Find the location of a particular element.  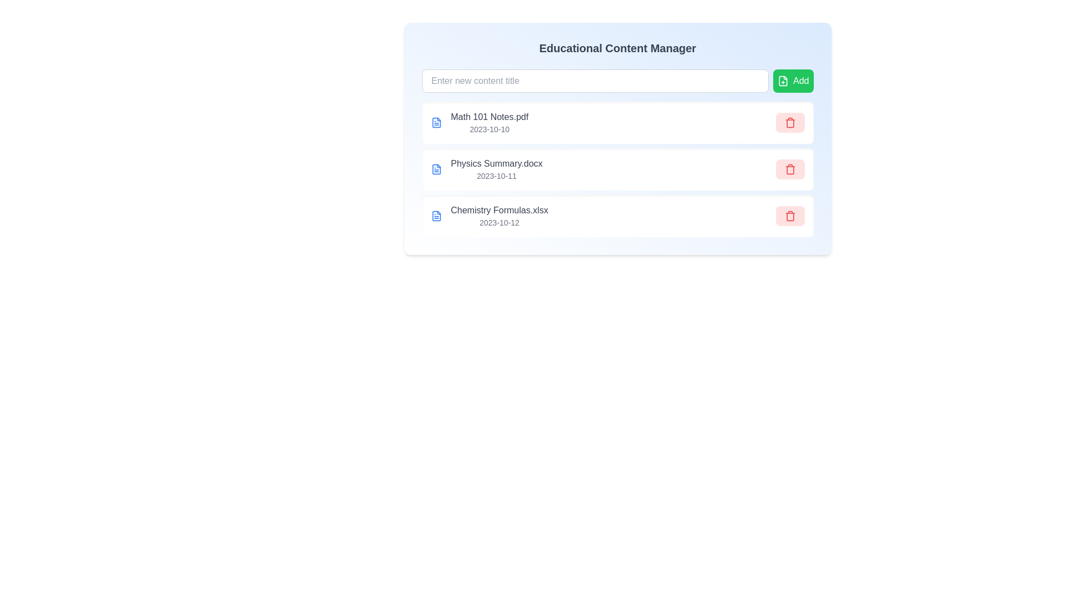

the second list item component titled 'Physics Summary.docx' is located at coordinates (617, 169).